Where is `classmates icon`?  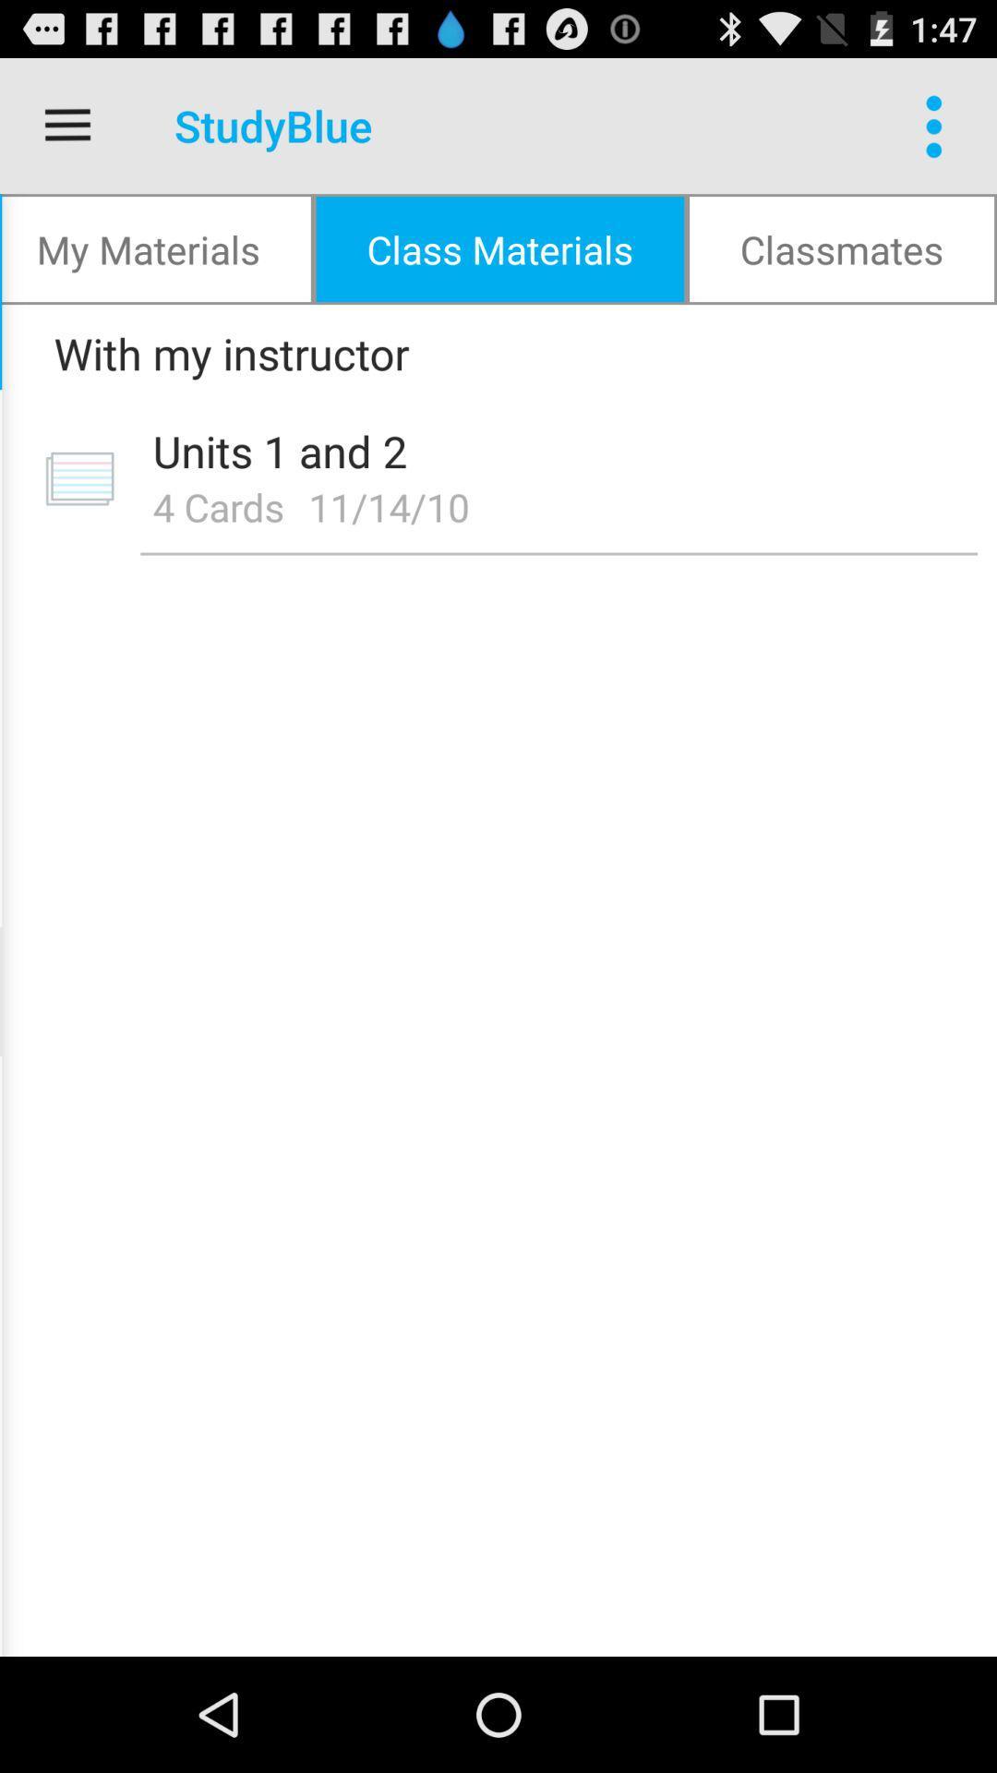 classmates icon is located at coordinates (841, 247).